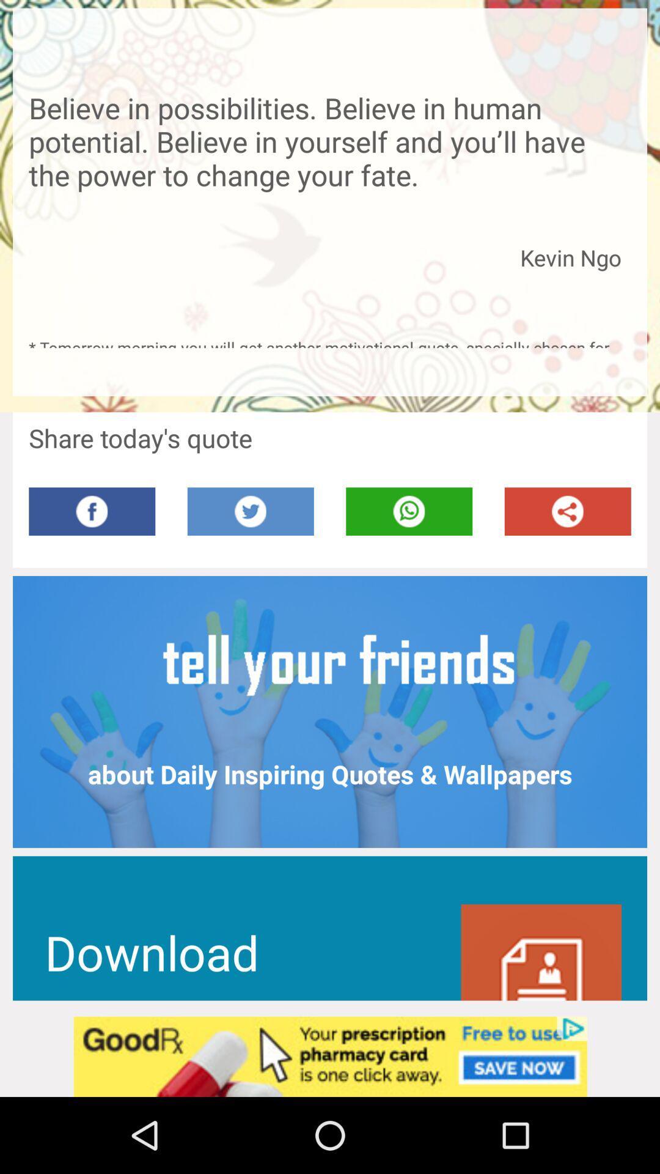 The width and height of the screenshot is (660, 1174). Describe the element at coordinates (91, 511) in the screenshot. I see `facebook page` at that location.